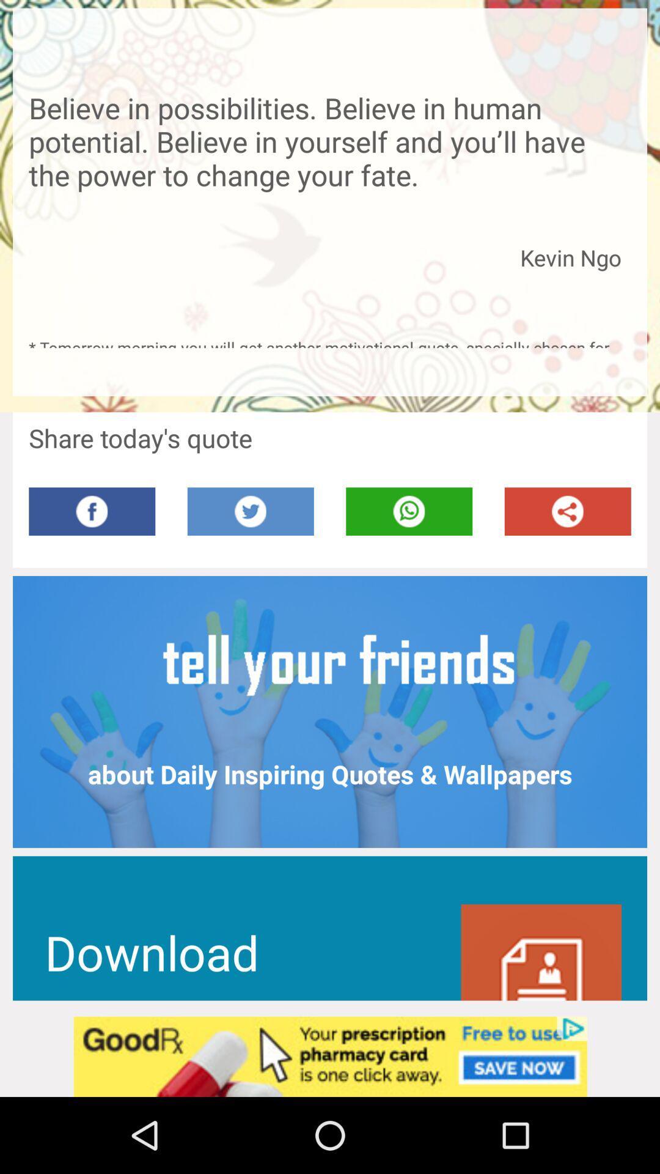 The width and height of the screenshot is (660, 1174). Describe the element at coordinates (91, 511) in the screenshot. I see `facebook page` at that location.